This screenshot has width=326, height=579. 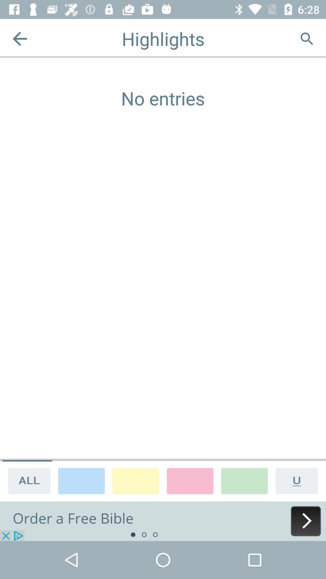 I want to click on advertisement, so click(x=163, y=521).